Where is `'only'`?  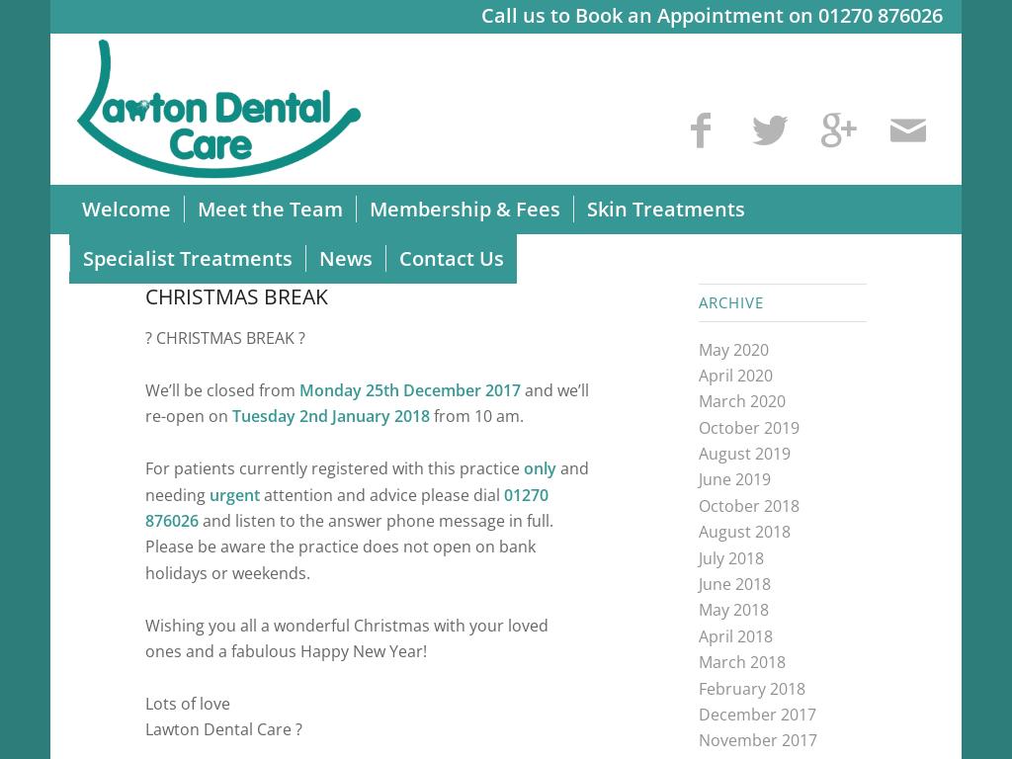 'only' is located at coordinates (540, 467).